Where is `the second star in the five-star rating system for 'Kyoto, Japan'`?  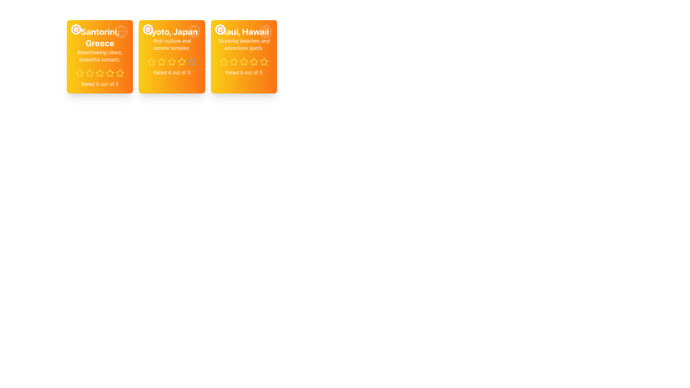 the second star in the five-star rating system for 'Kyoto, Japan' is located at coordinates (171, 61).